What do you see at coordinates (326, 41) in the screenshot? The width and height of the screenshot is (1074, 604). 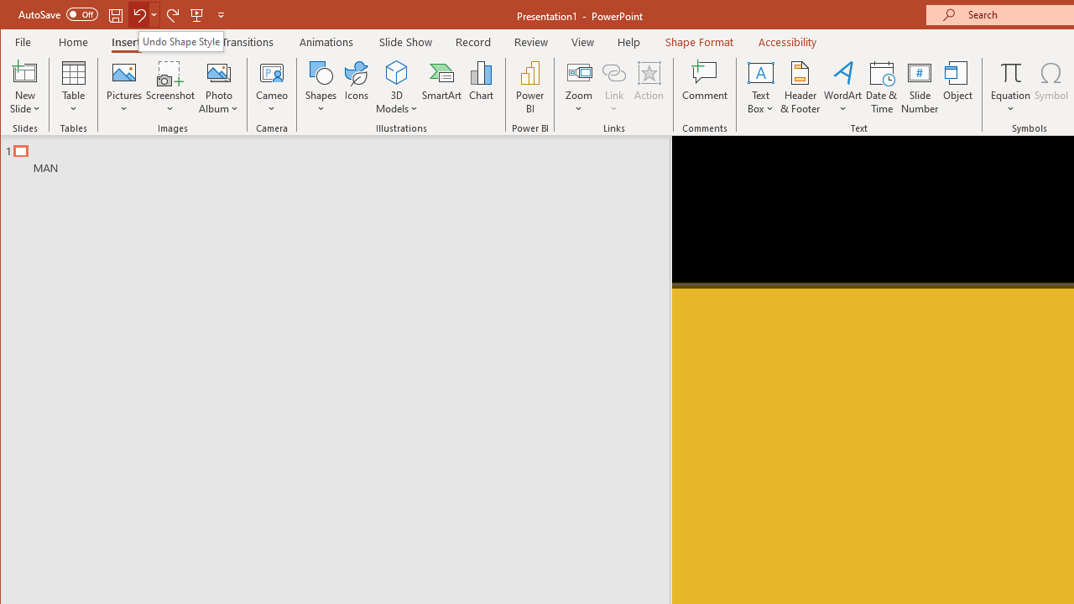 I see `'Animations'` at bounding box center [326, 41].